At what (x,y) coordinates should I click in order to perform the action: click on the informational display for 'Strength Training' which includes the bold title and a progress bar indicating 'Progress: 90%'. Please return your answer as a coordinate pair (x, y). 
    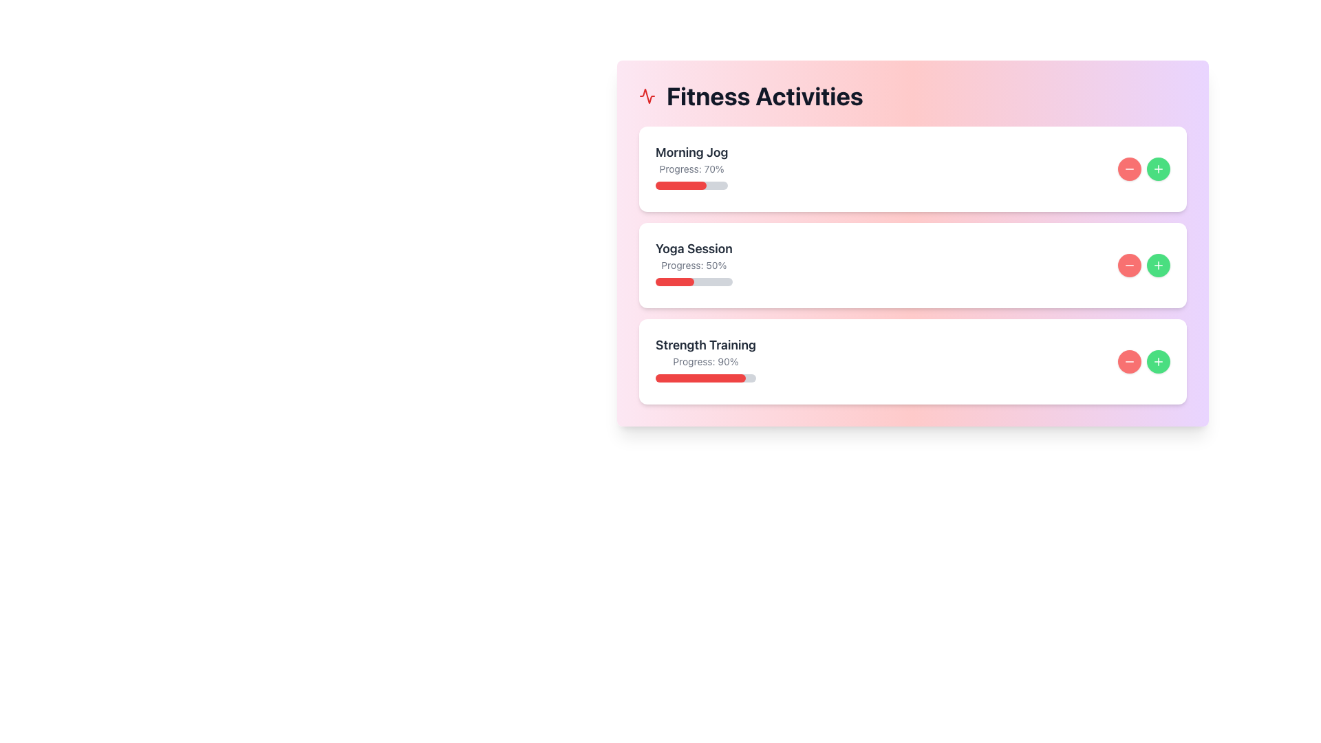
    Looking at the image, I should click on (705, 360).